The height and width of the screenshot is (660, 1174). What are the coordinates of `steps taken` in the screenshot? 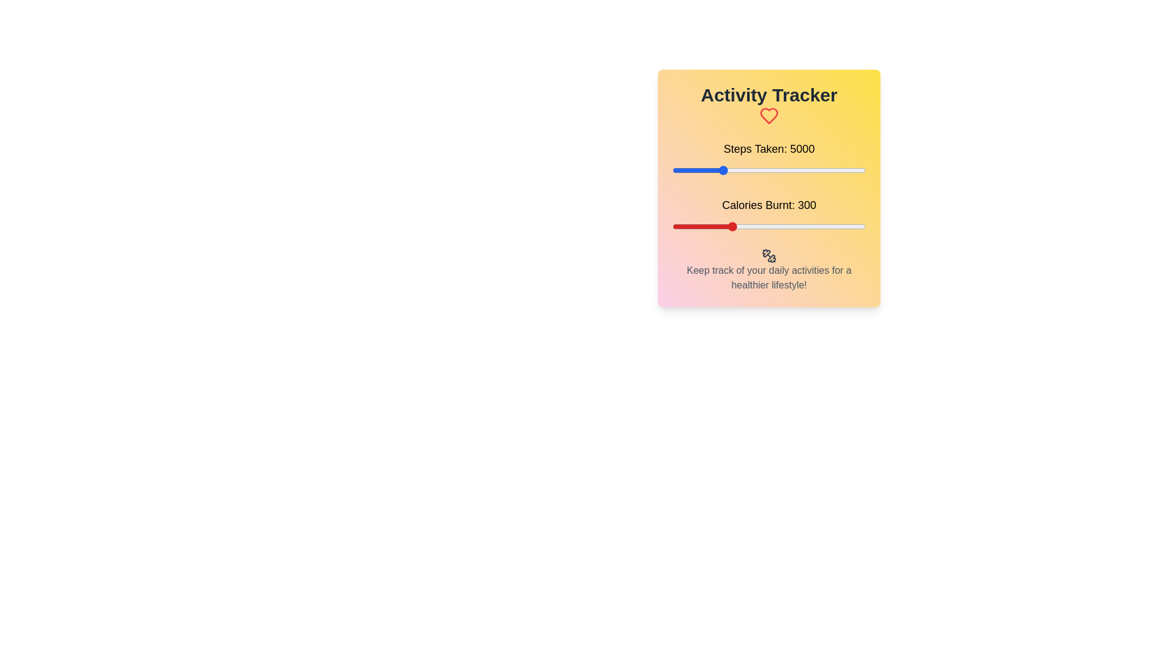 It's located at (851, 170).